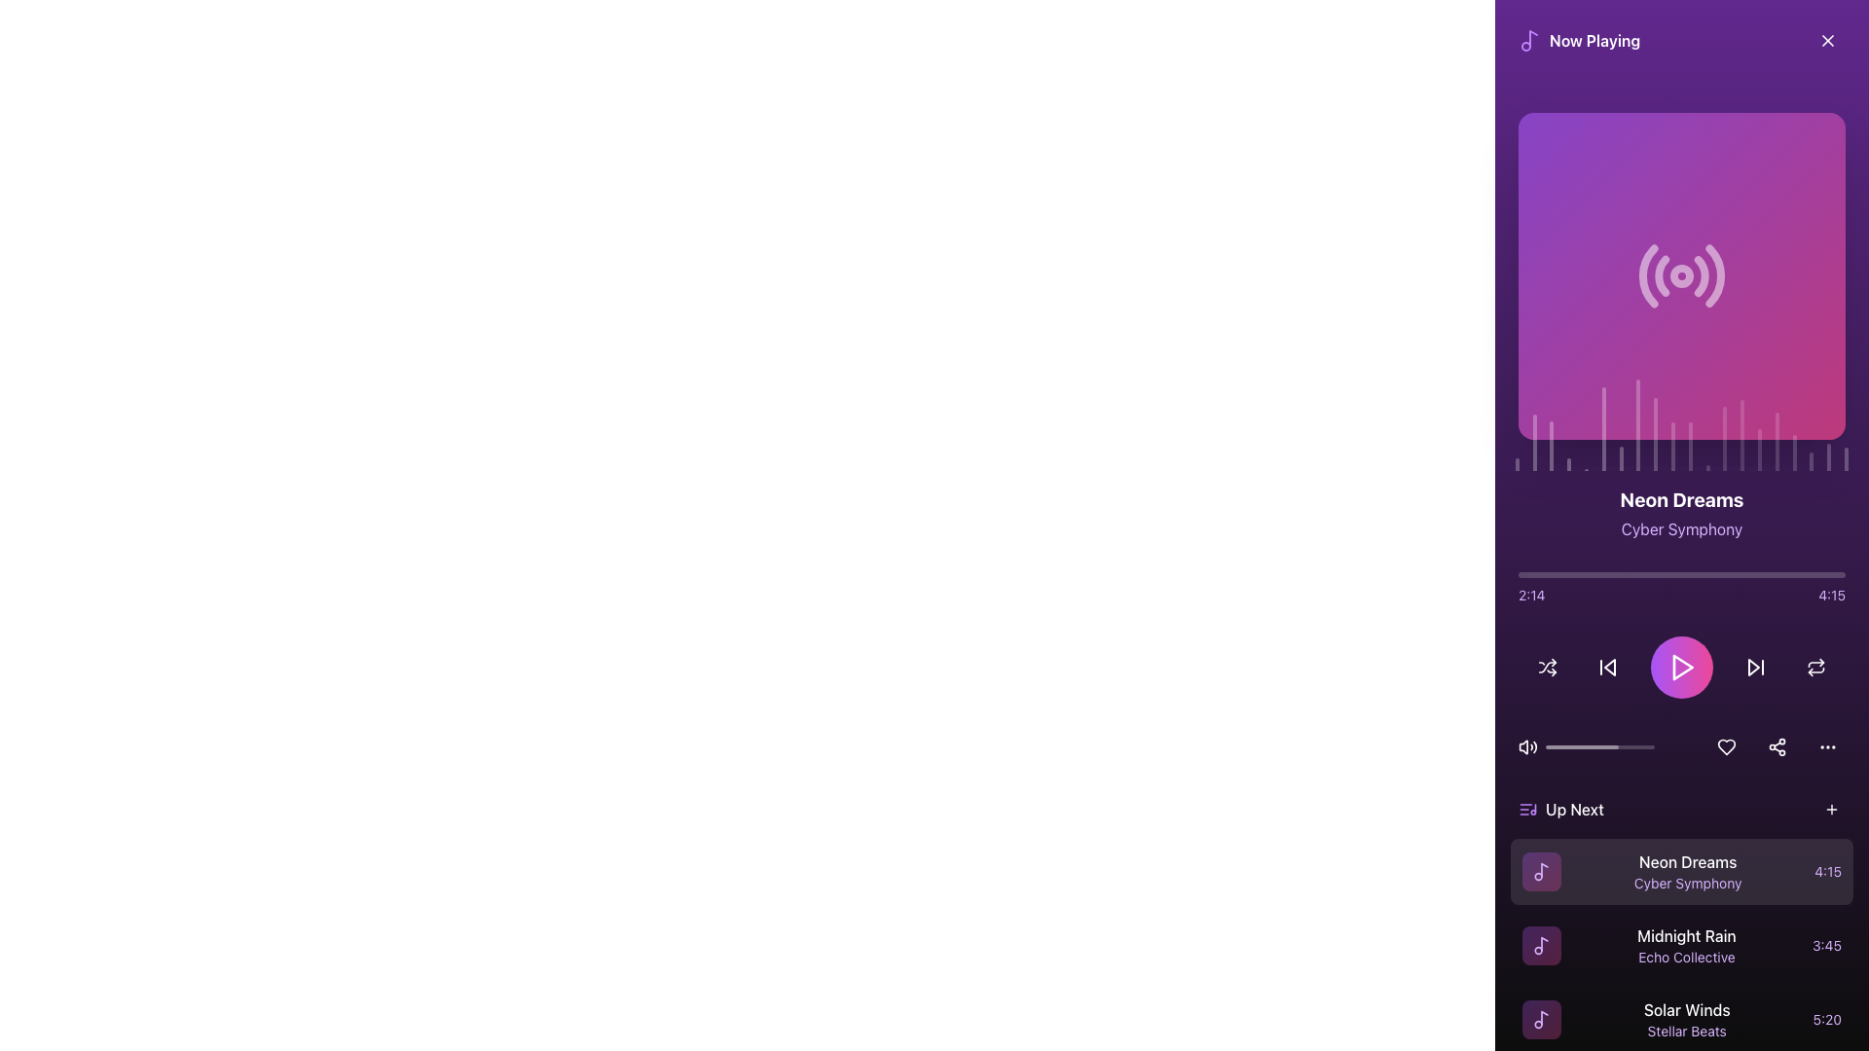 The image size is (1869, 1051). I want to click on the heart-shaped icon in the lower section of the music player interface, so click(1727, 745).